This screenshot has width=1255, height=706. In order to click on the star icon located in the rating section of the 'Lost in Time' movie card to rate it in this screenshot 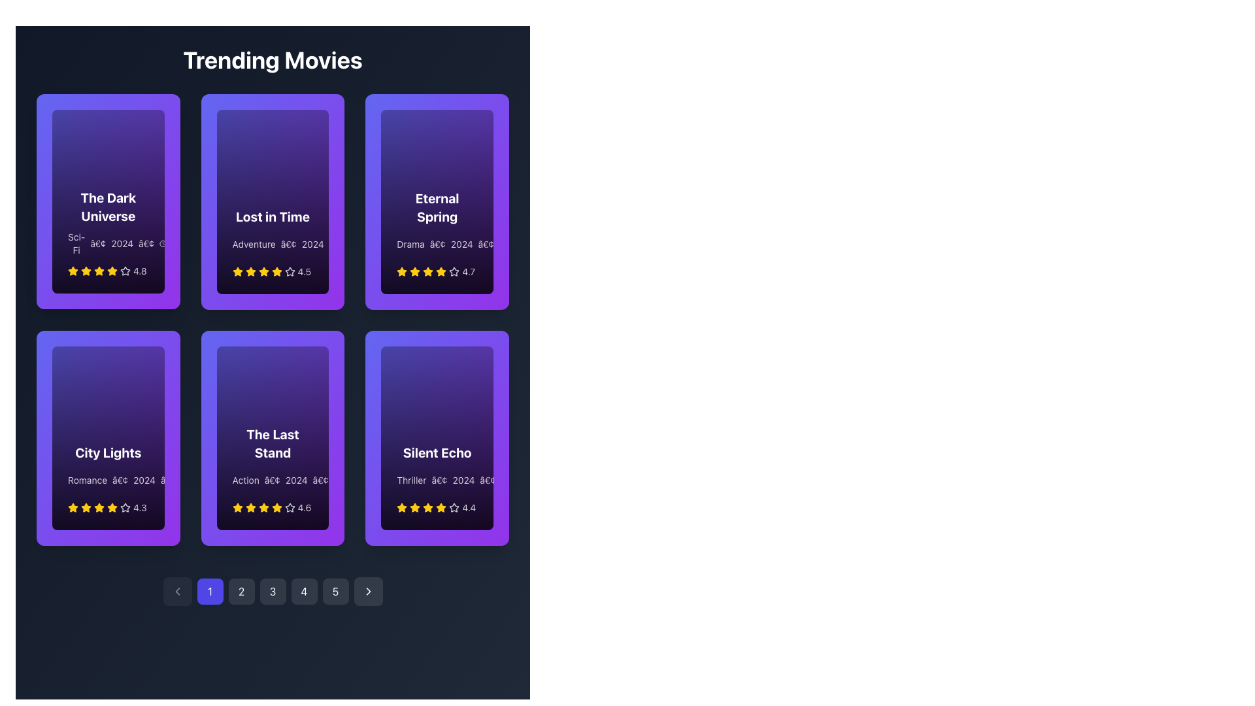, I will do `click(276, 271)`.